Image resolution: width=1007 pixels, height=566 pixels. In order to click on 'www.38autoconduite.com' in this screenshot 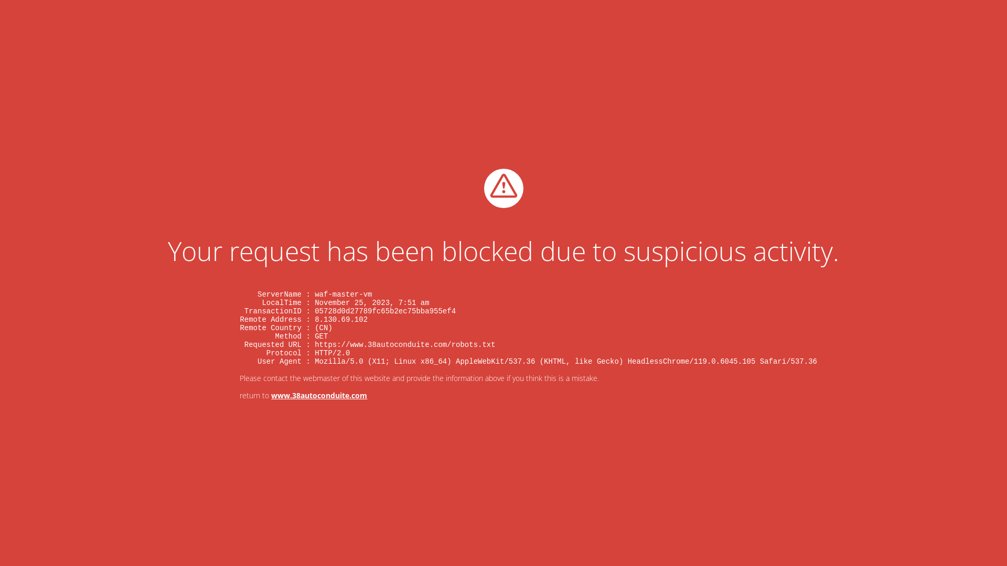, I will do `click(271, 395)`.